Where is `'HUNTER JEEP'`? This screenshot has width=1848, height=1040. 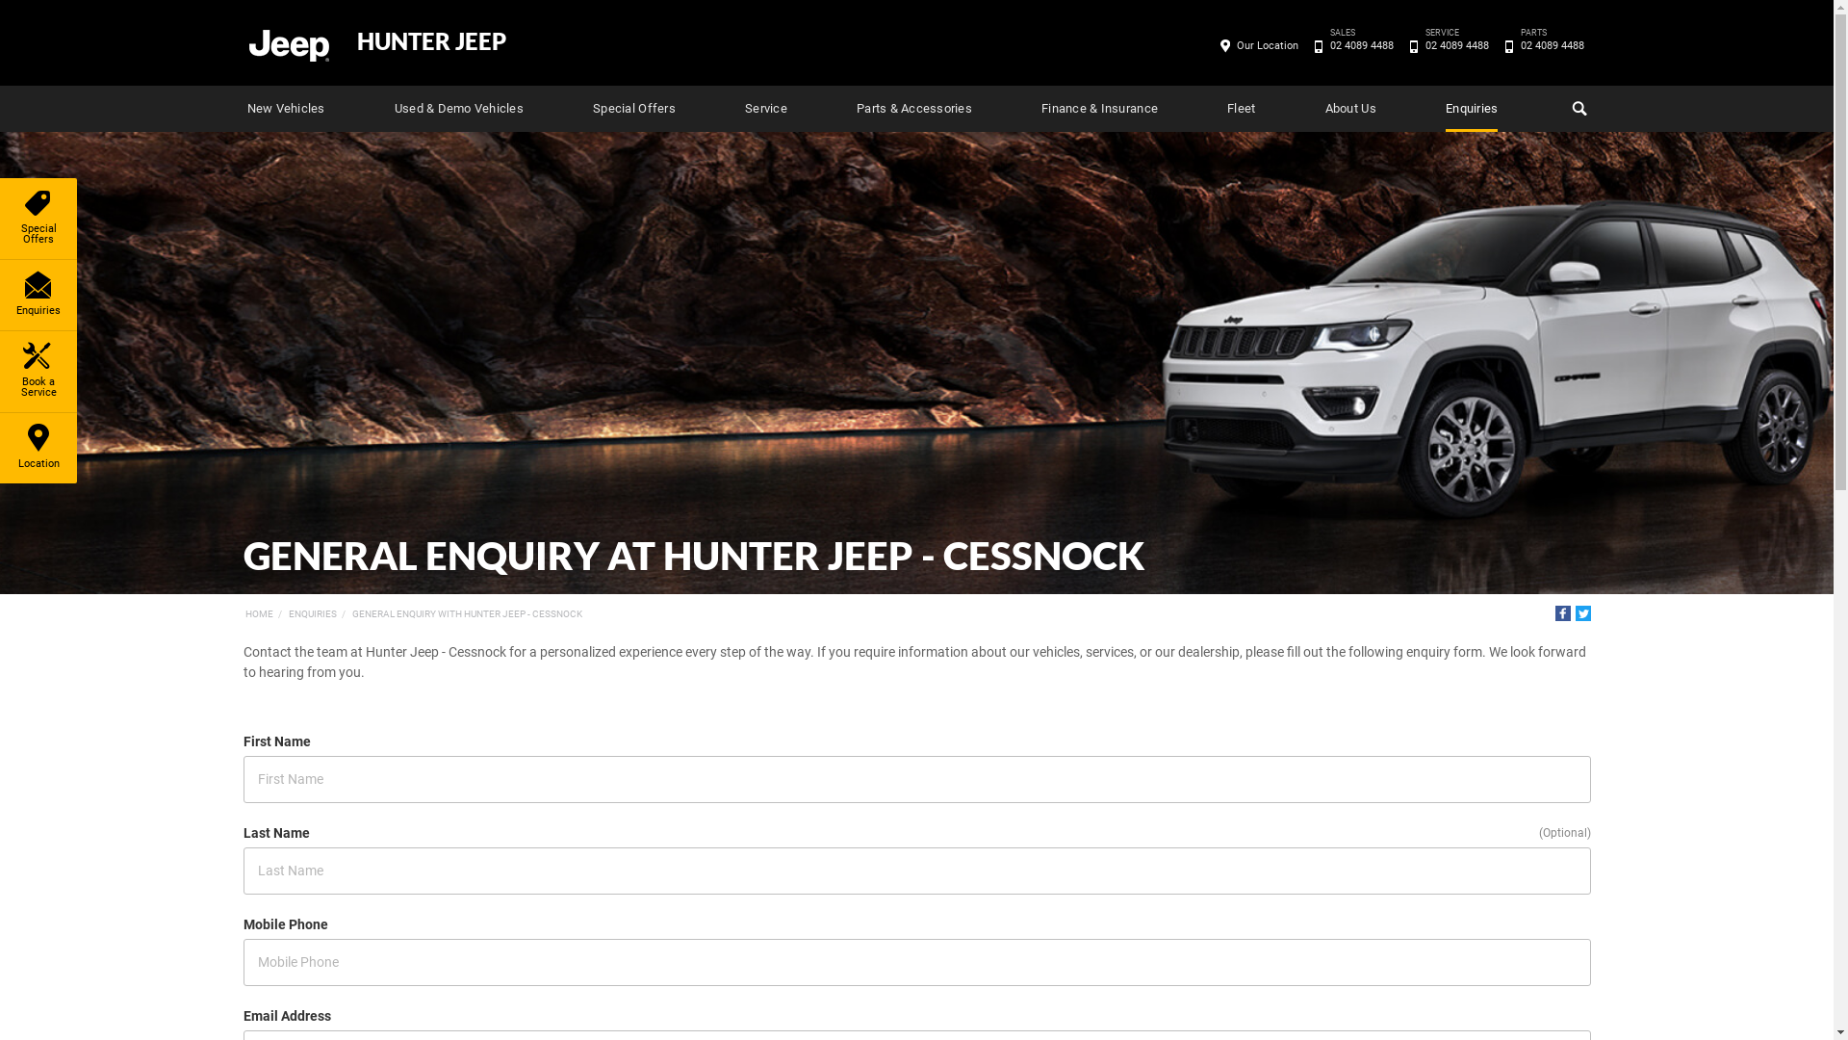
'HUNTER JEEP' is located at coordinates (429, 41).